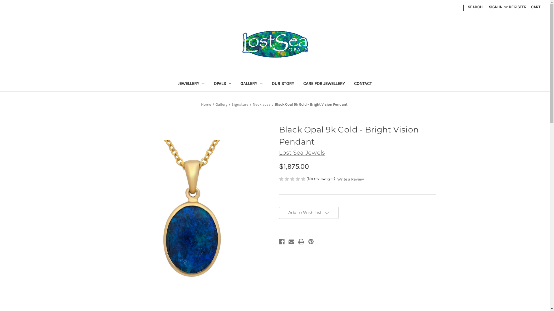 The image size is (554, 311). I want to click on 'SIGN IN', so click(495, 7).